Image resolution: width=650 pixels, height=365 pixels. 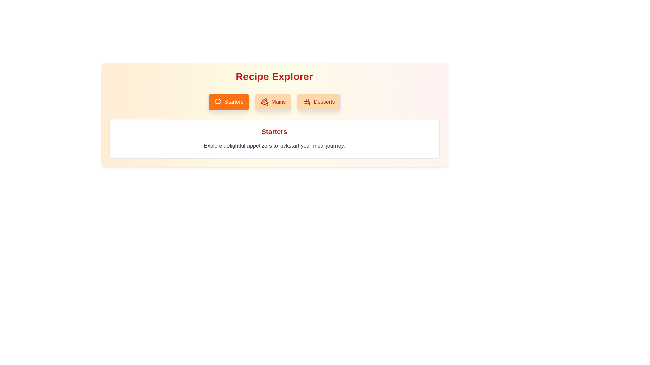 What do you see at coordinates (229, 102) in the screenshot?
I see `the Starters tab by clicking on its button` at bounding box center [229, 102].